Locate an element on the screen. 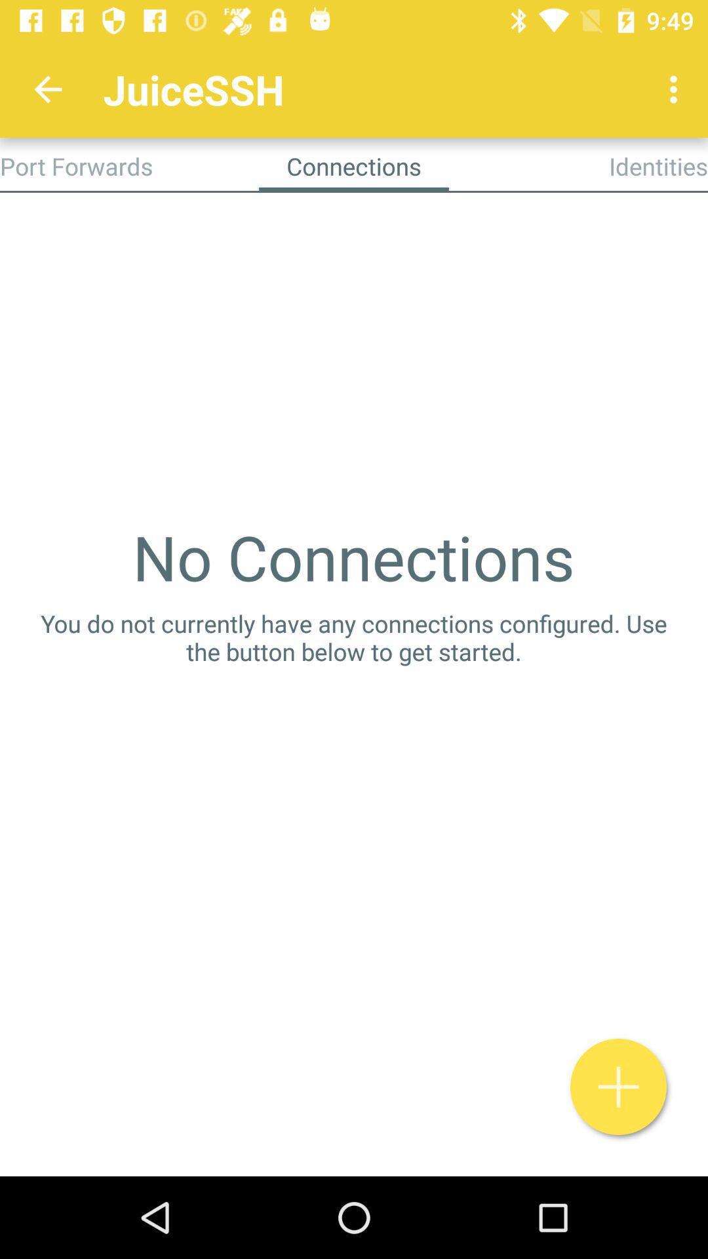  the port forwards app is located at coordinates (76, 165).